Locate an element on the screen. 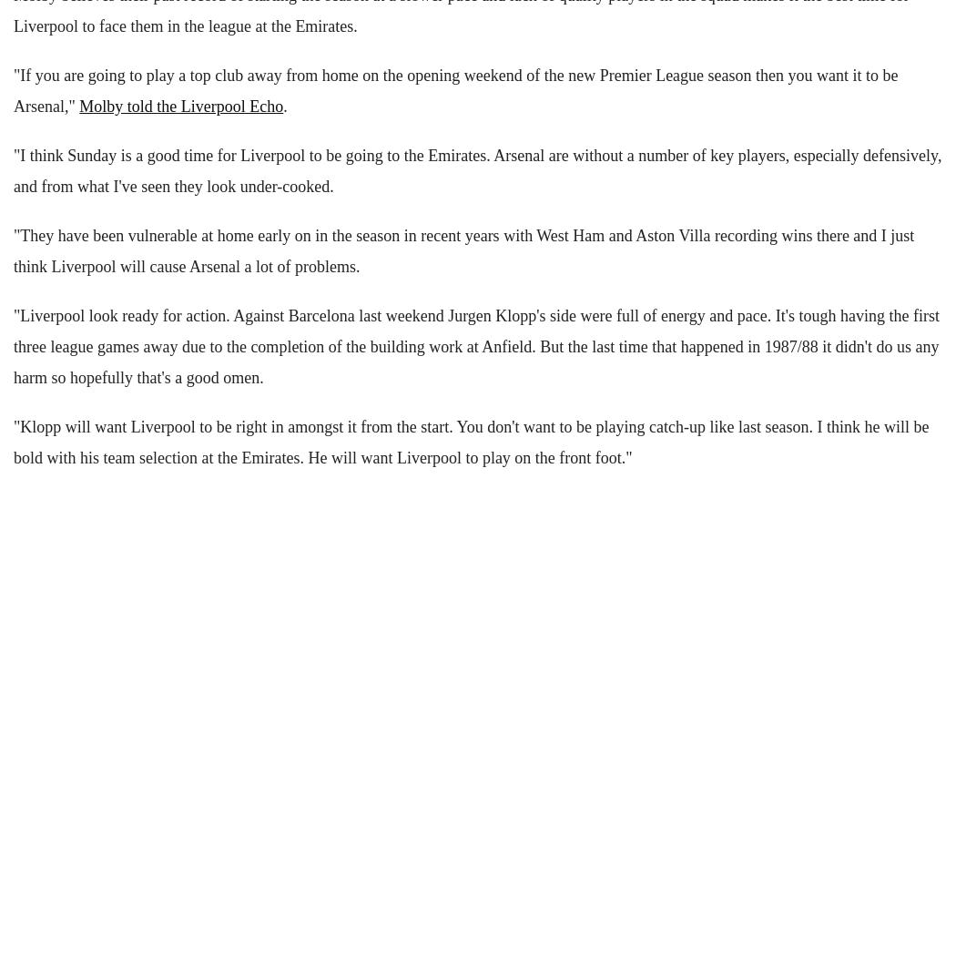 The image size is (956, 967). 'NOTICEBOARD' is located at coordinates (86, 508).